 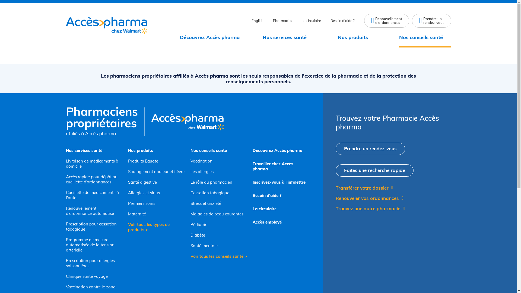 I want to click on 'Trouvez une autre pharmacie', so click(x=335, y=208).